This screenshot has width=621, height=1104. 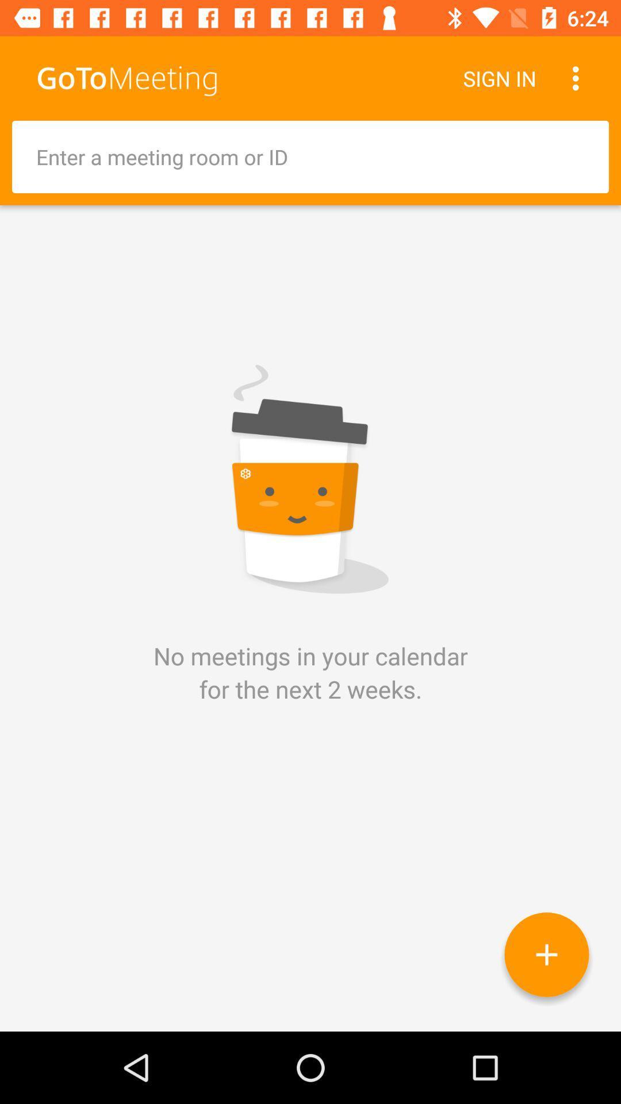 I want to click on entire information, so click(x=310, y=156).